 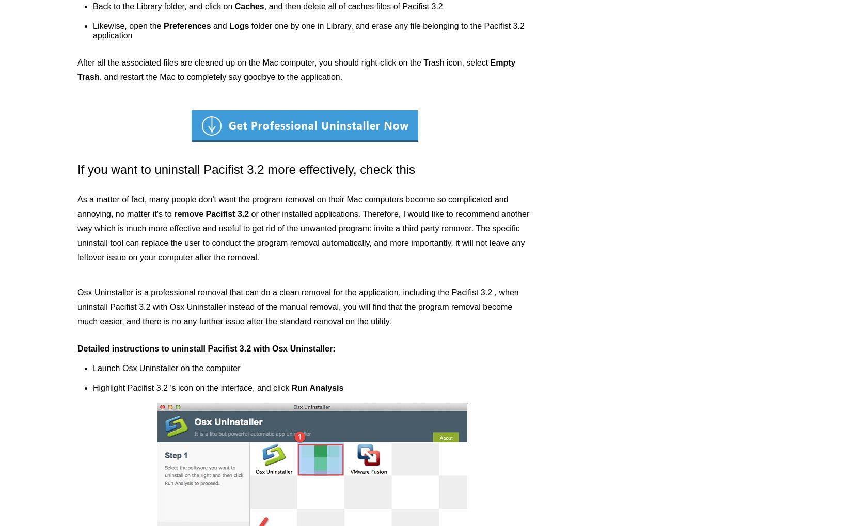 What do you see at coordinates (220, 77) in the screenshot?
I see `', and restart the Mac to completely say goodbye to the application.'` at bounding box center [220, 77].